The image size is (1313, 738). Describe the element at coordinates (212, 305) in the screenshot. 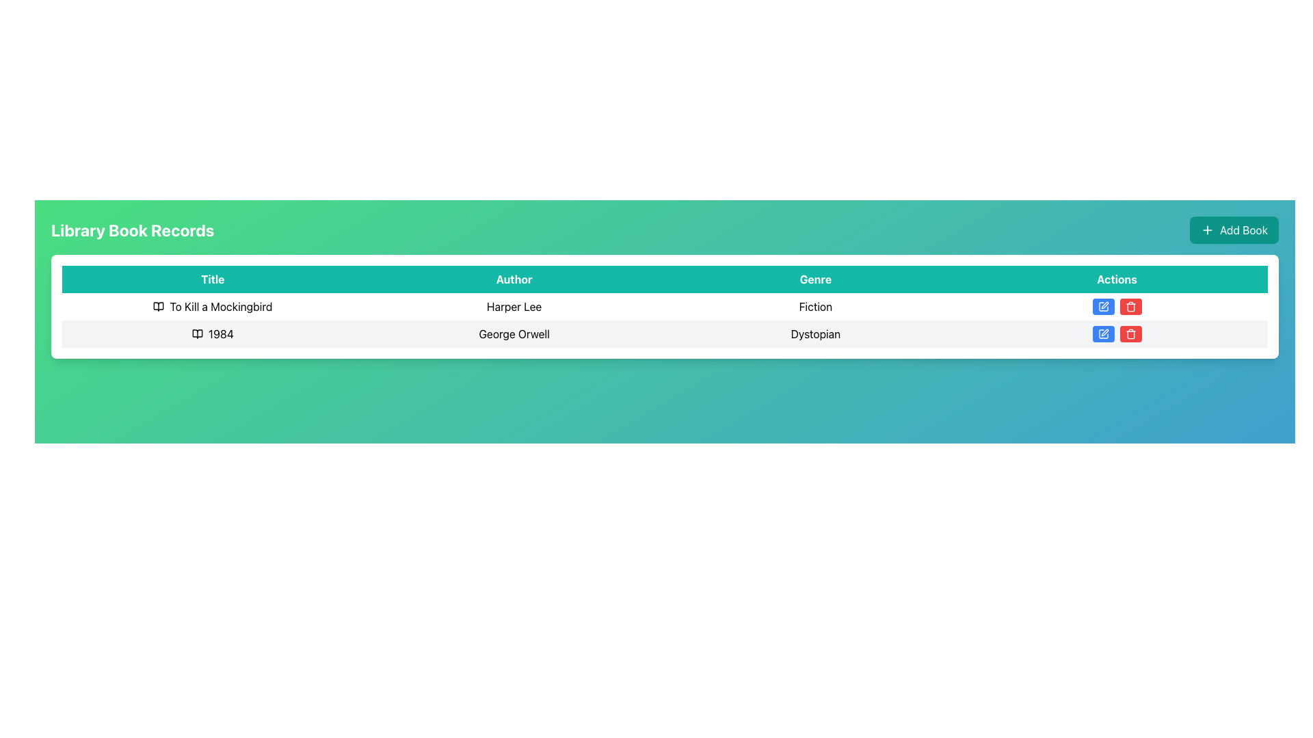

I see `title text of the book displayed in the first cell under the 'Title' column of the first row in the book records table` at that location.